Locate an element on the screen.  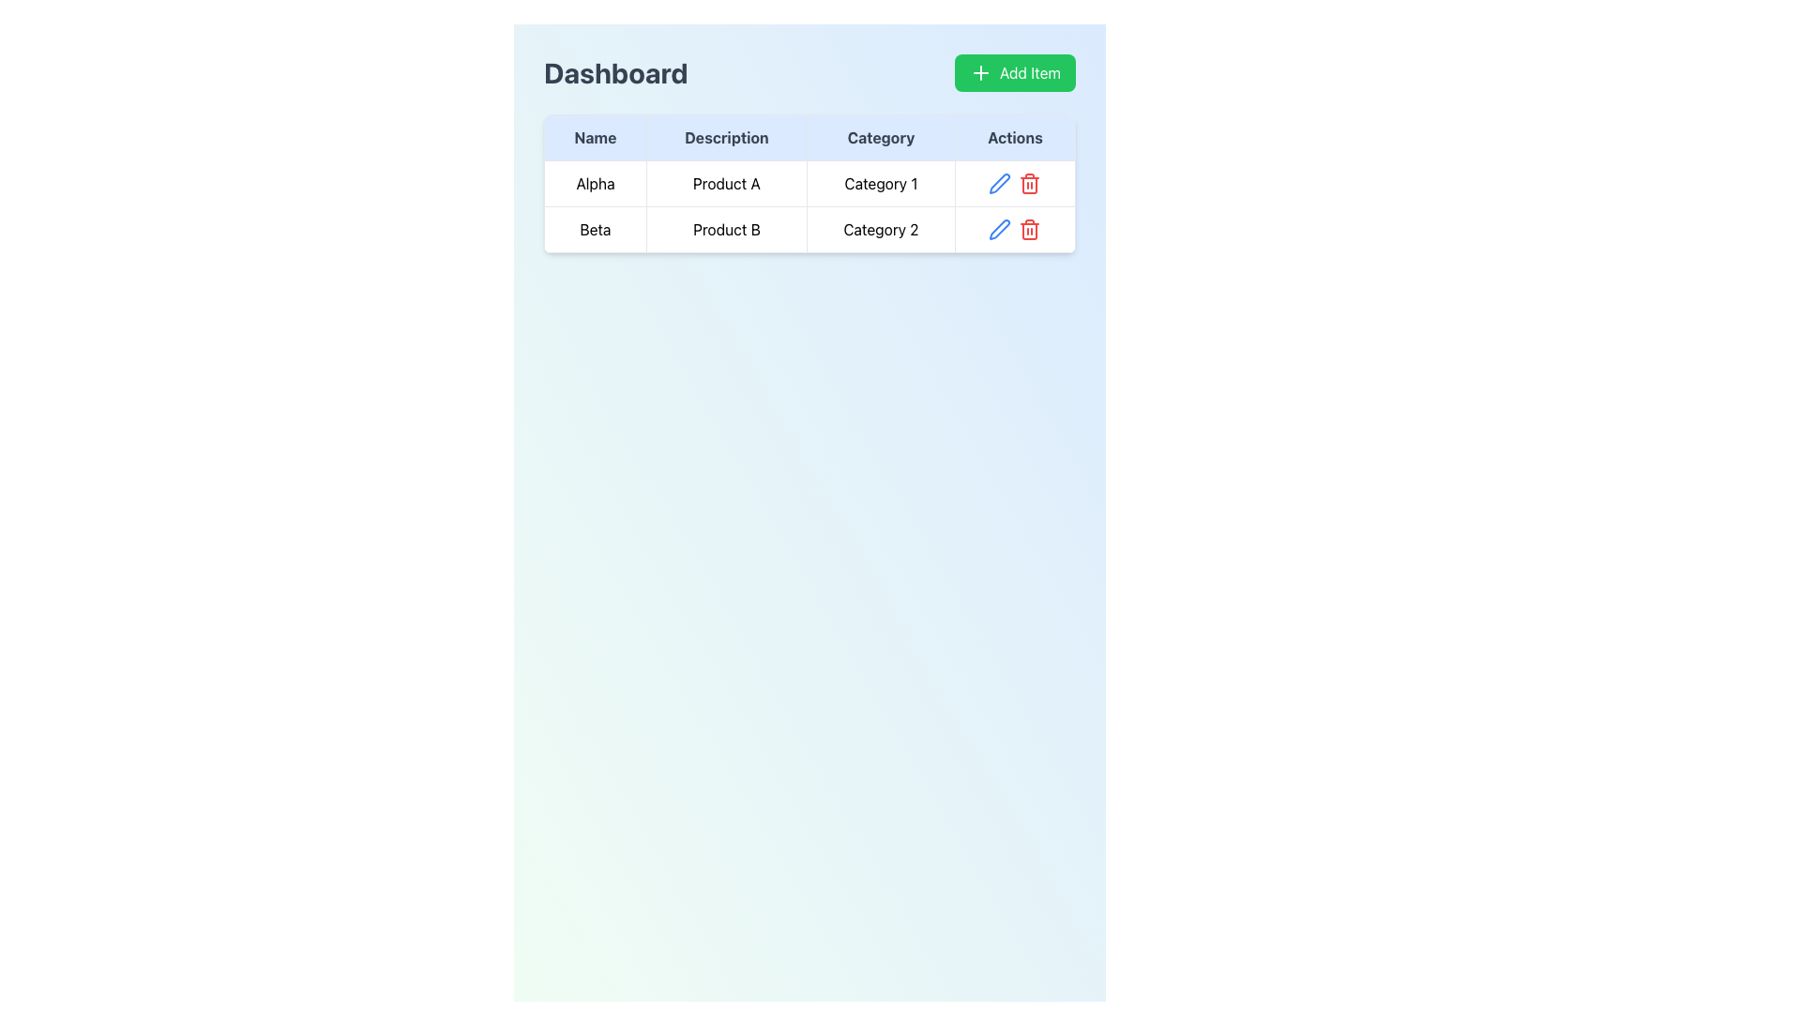
the text label 'Alpha' located in the first column of the first row of the table, which is styled with padding and a border, adjacent to 'Product A' is located at coordinates (594, 184).